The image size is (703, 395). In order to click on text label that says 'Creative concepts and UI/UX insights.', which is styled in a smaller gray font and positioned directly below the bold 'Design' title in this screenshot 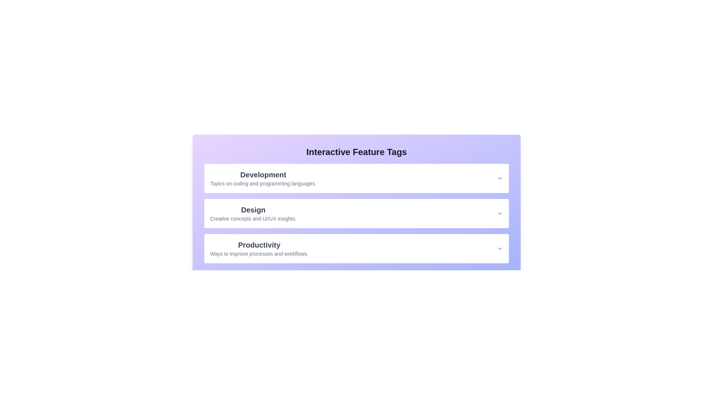, I will do `click(253, 218)`.